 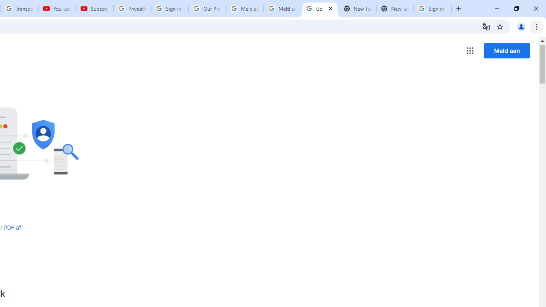 I want to click on 'Subscriptions - YouTube', so click(x=95, y=9).